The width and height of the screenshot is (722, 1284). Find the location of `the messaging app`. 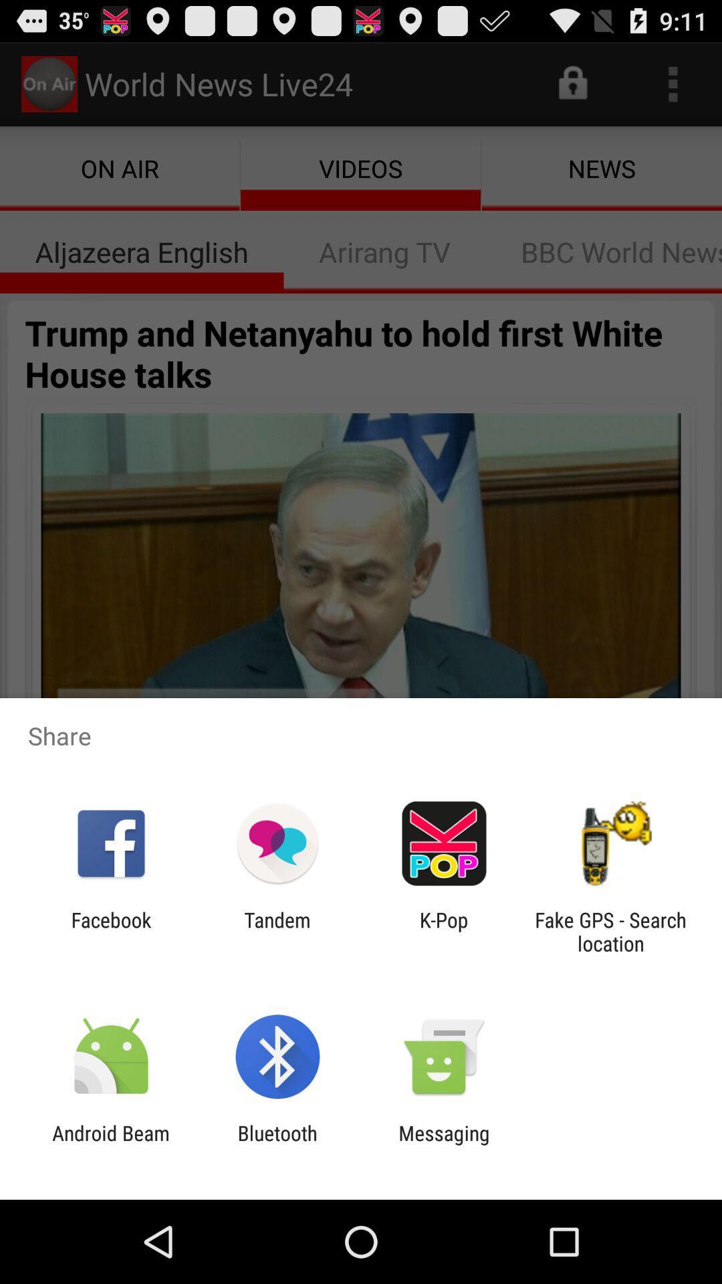

the messaging app is located at coordinates (444, 1144).